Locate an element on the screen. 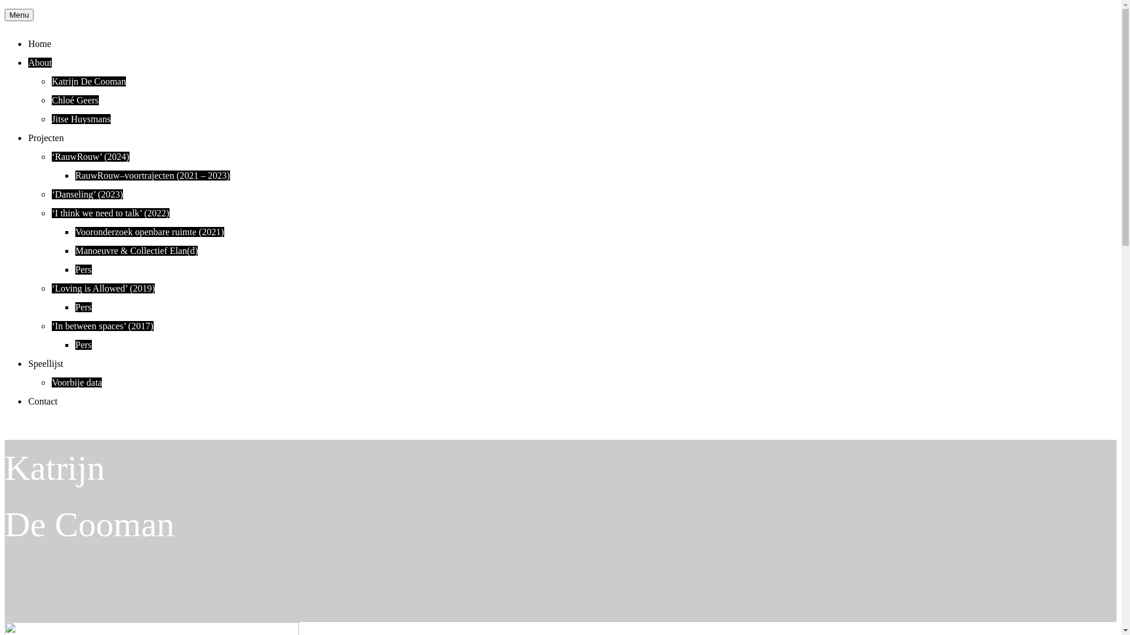 Image resolution: width=1130 pixels, height=635 pixels. 'Menu' is located at coordinates (19, 15).